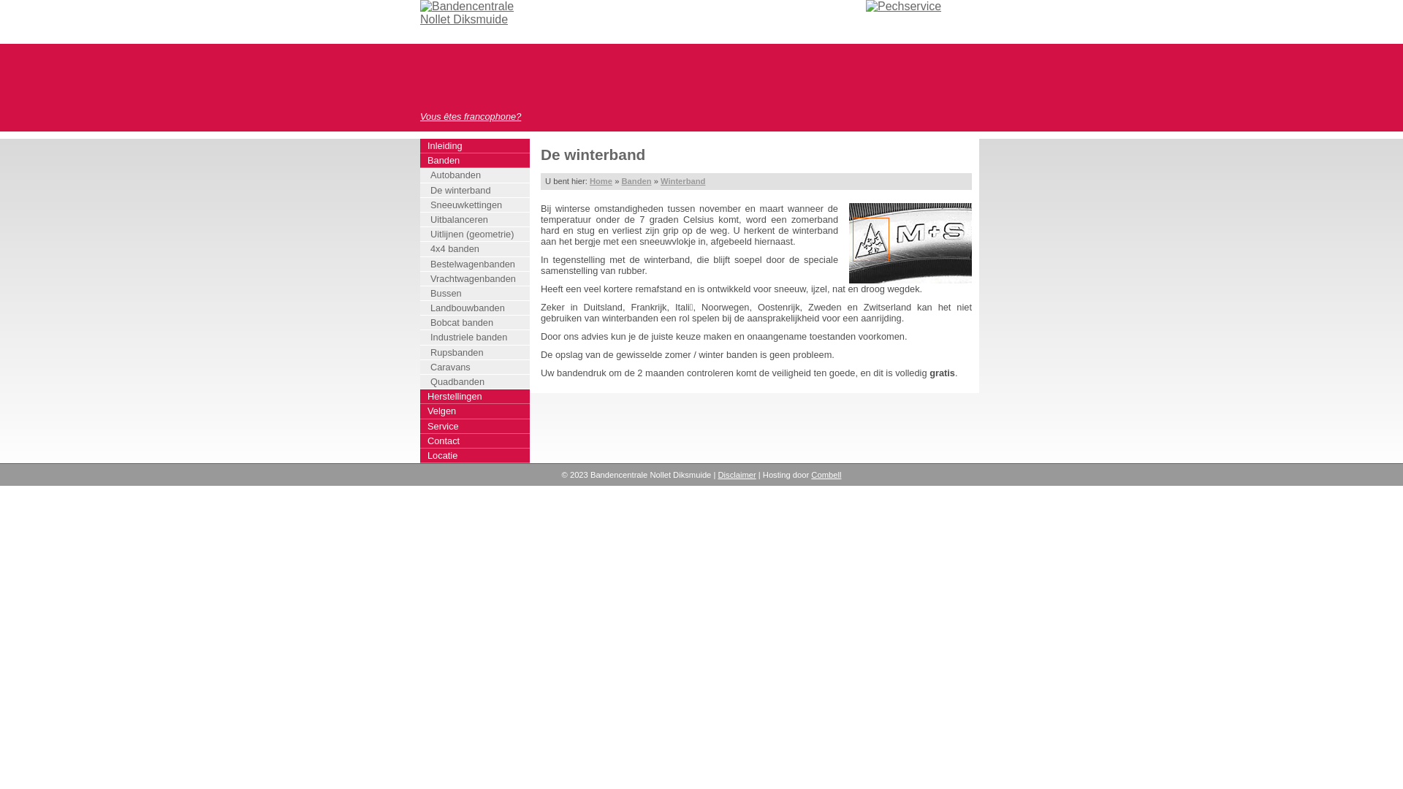 The image size is (1403, 789). What do you see at coordinates (474, 411) in the screenshot?
I see `'Velgen'` at bounding box center [474, 411].